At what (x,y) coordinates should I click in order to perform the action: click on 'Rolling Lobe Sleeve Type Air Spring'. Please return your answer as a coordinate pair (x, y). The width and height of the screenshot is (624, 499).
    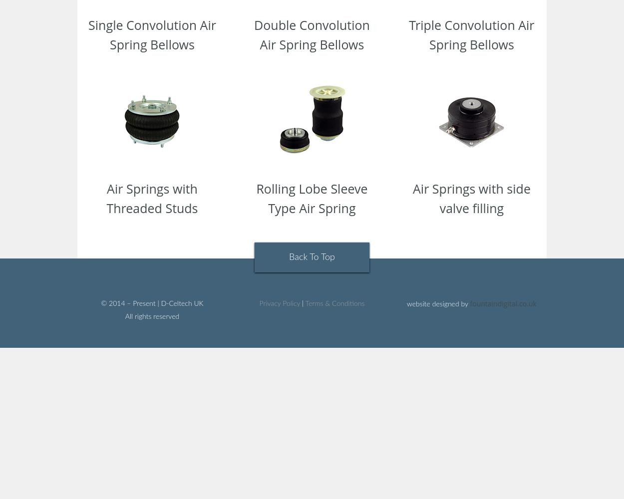
    Looking at the image, I should click on (311, 198).